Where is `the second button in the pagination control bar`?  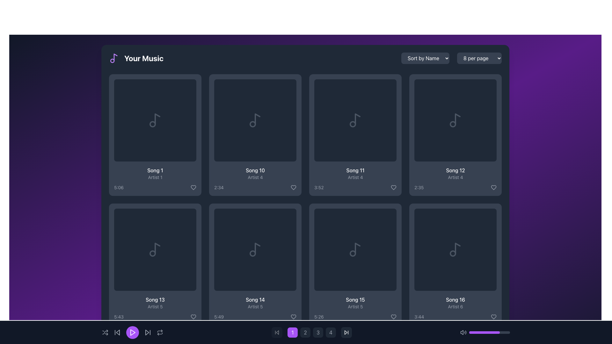
the second button in the pagination control bar is located at coordinates (305, 332).